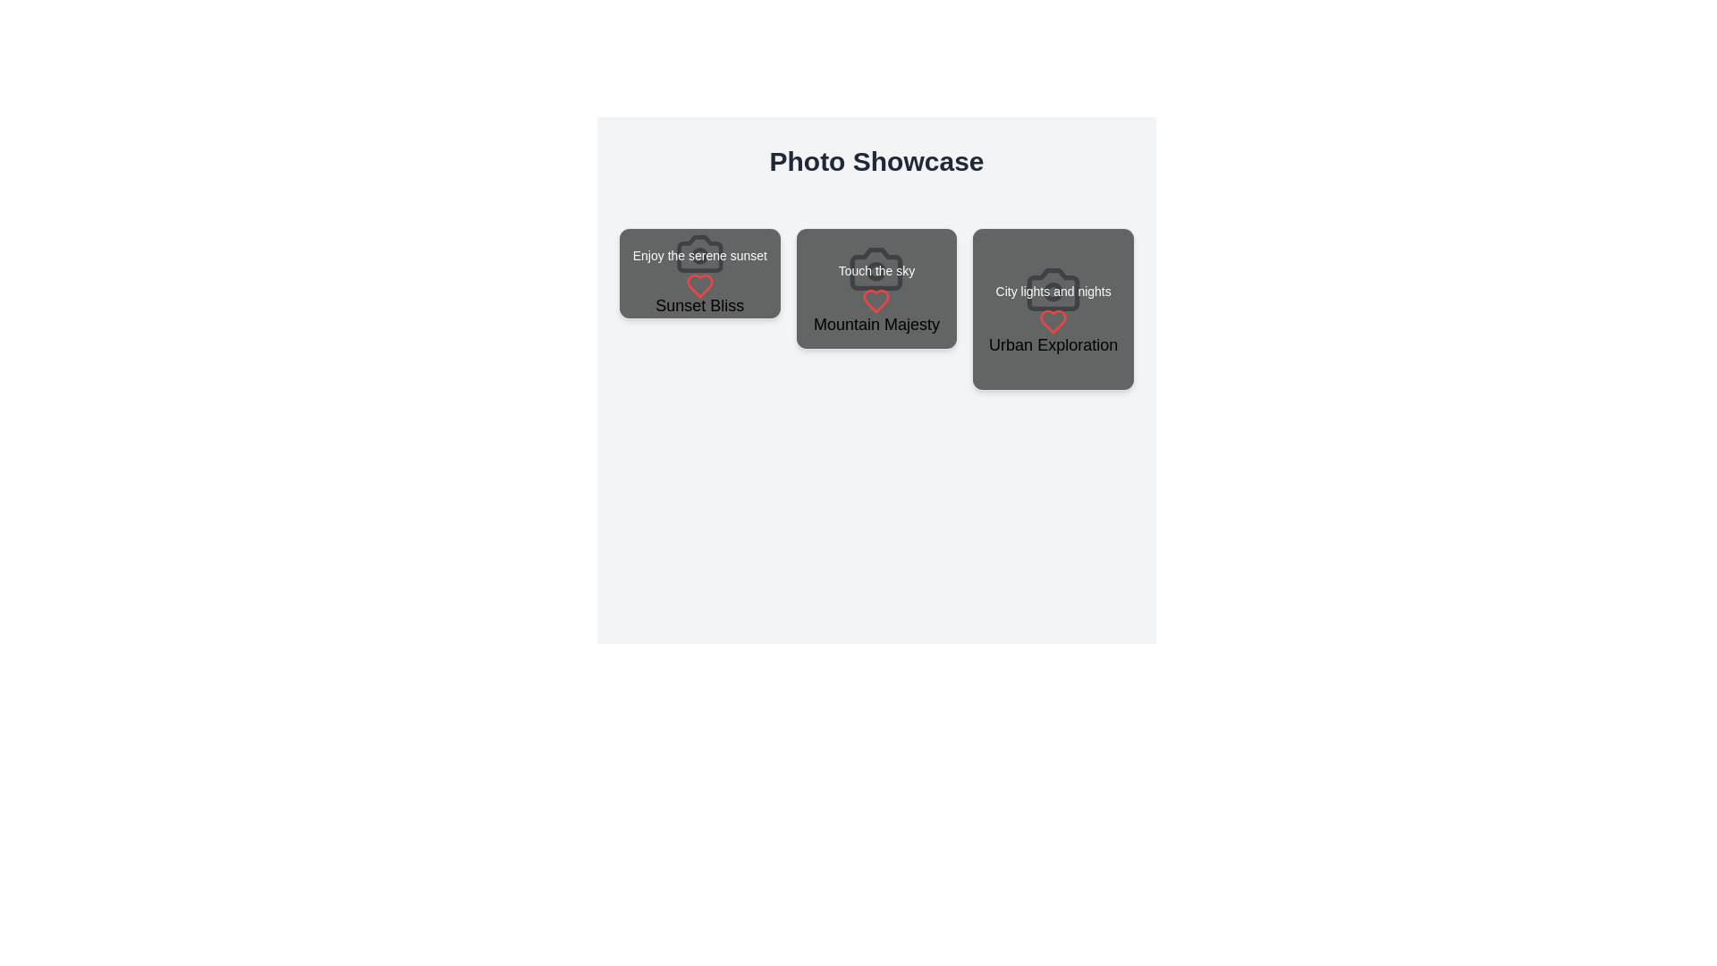 The height and width of the screenshot is (966, 1717). What do you see at coordinates (1053, 344) in the screenshot?
I see `the text label indicating 'Urban Exploration' located at the bottom center of the third card from the left` at bounding box center [1053, 344].